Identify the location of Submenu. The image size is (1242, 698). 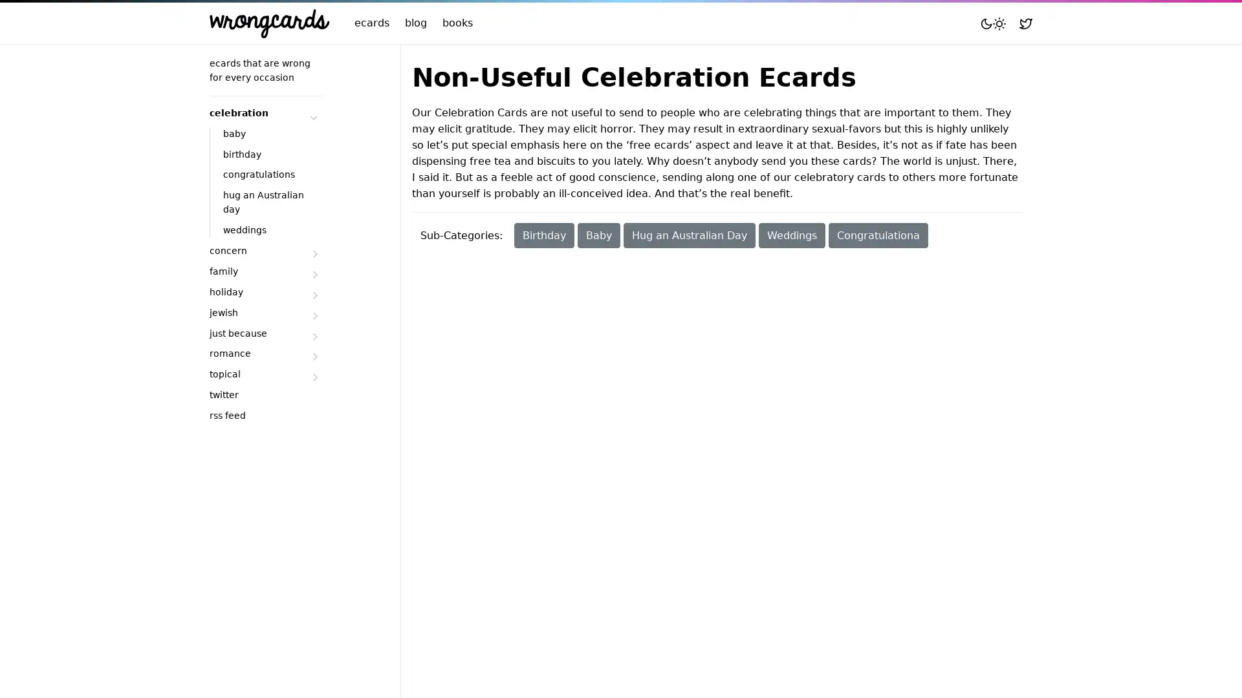
(313, 377).